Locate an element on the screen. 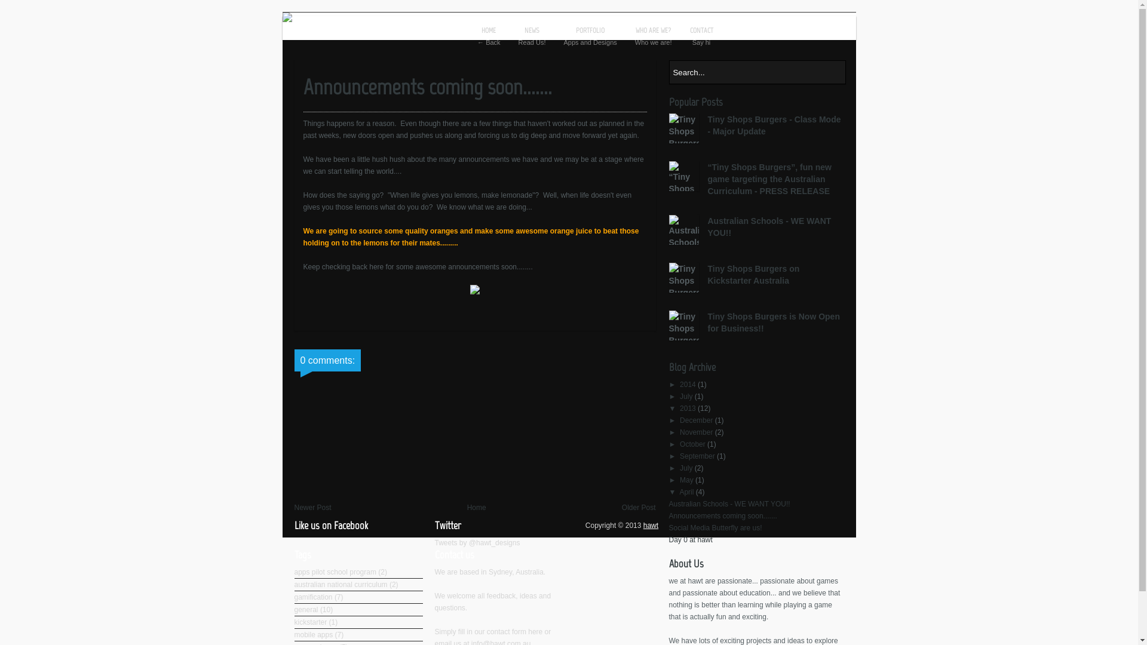 Image resolution: width=1147 pixels, height=645 pixels. 'Tiny Shops Burgers is Now Open for Business!!' is located at coordinates (773, 322).